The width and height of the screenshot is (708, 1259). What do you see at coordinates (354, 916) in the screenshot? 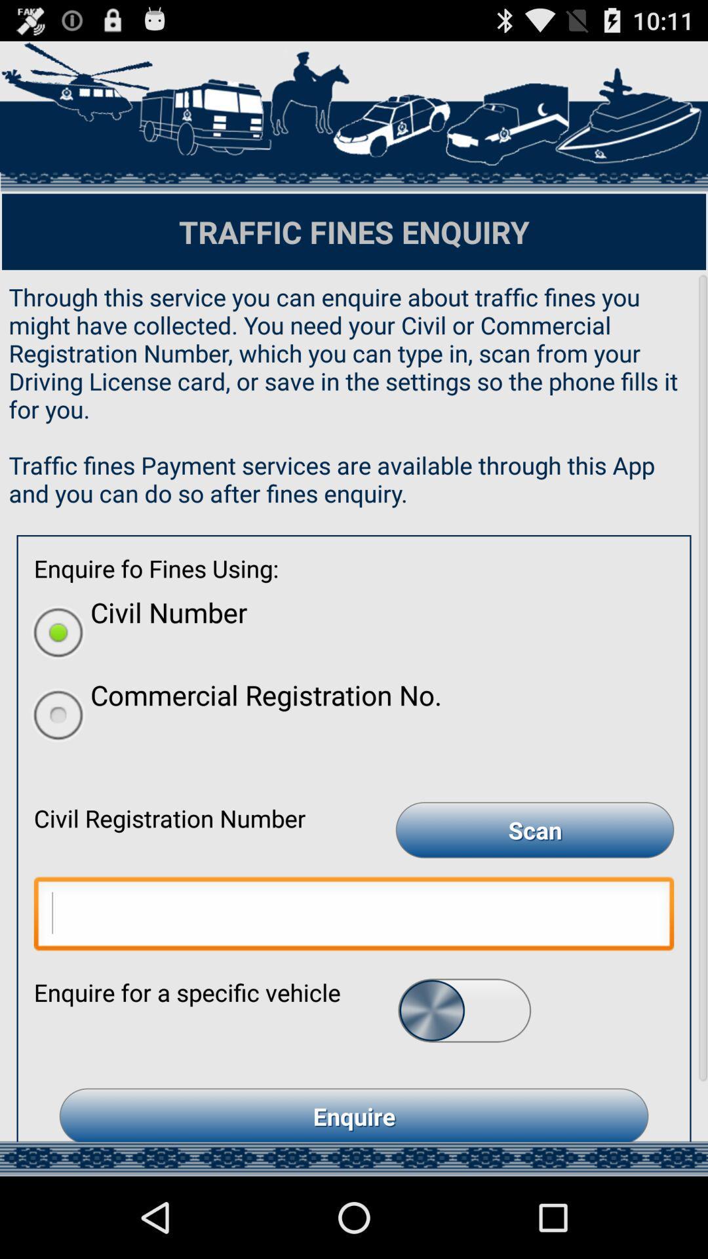
I see `type name to sign` at bounding box center [354, 916].